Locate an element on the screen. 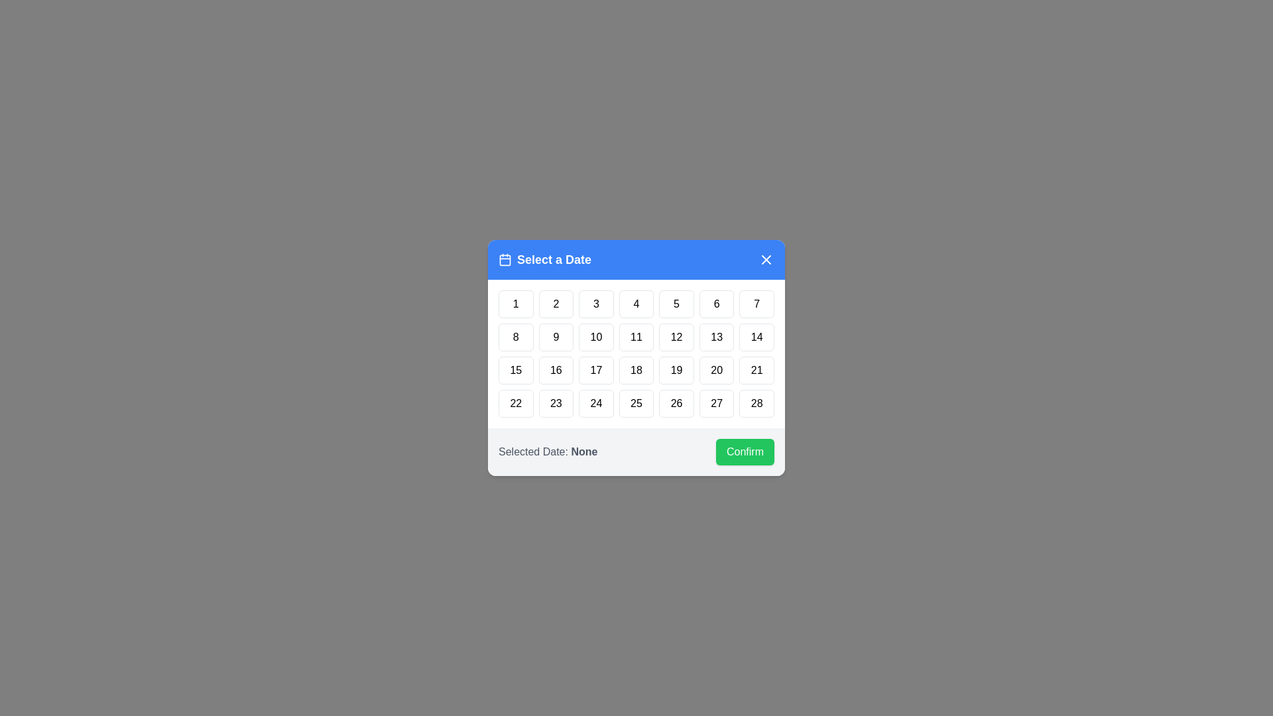 This screenshot has height=716, width=1273. the day button labeled 5 to highlight it is located at coordinates (677, 304).